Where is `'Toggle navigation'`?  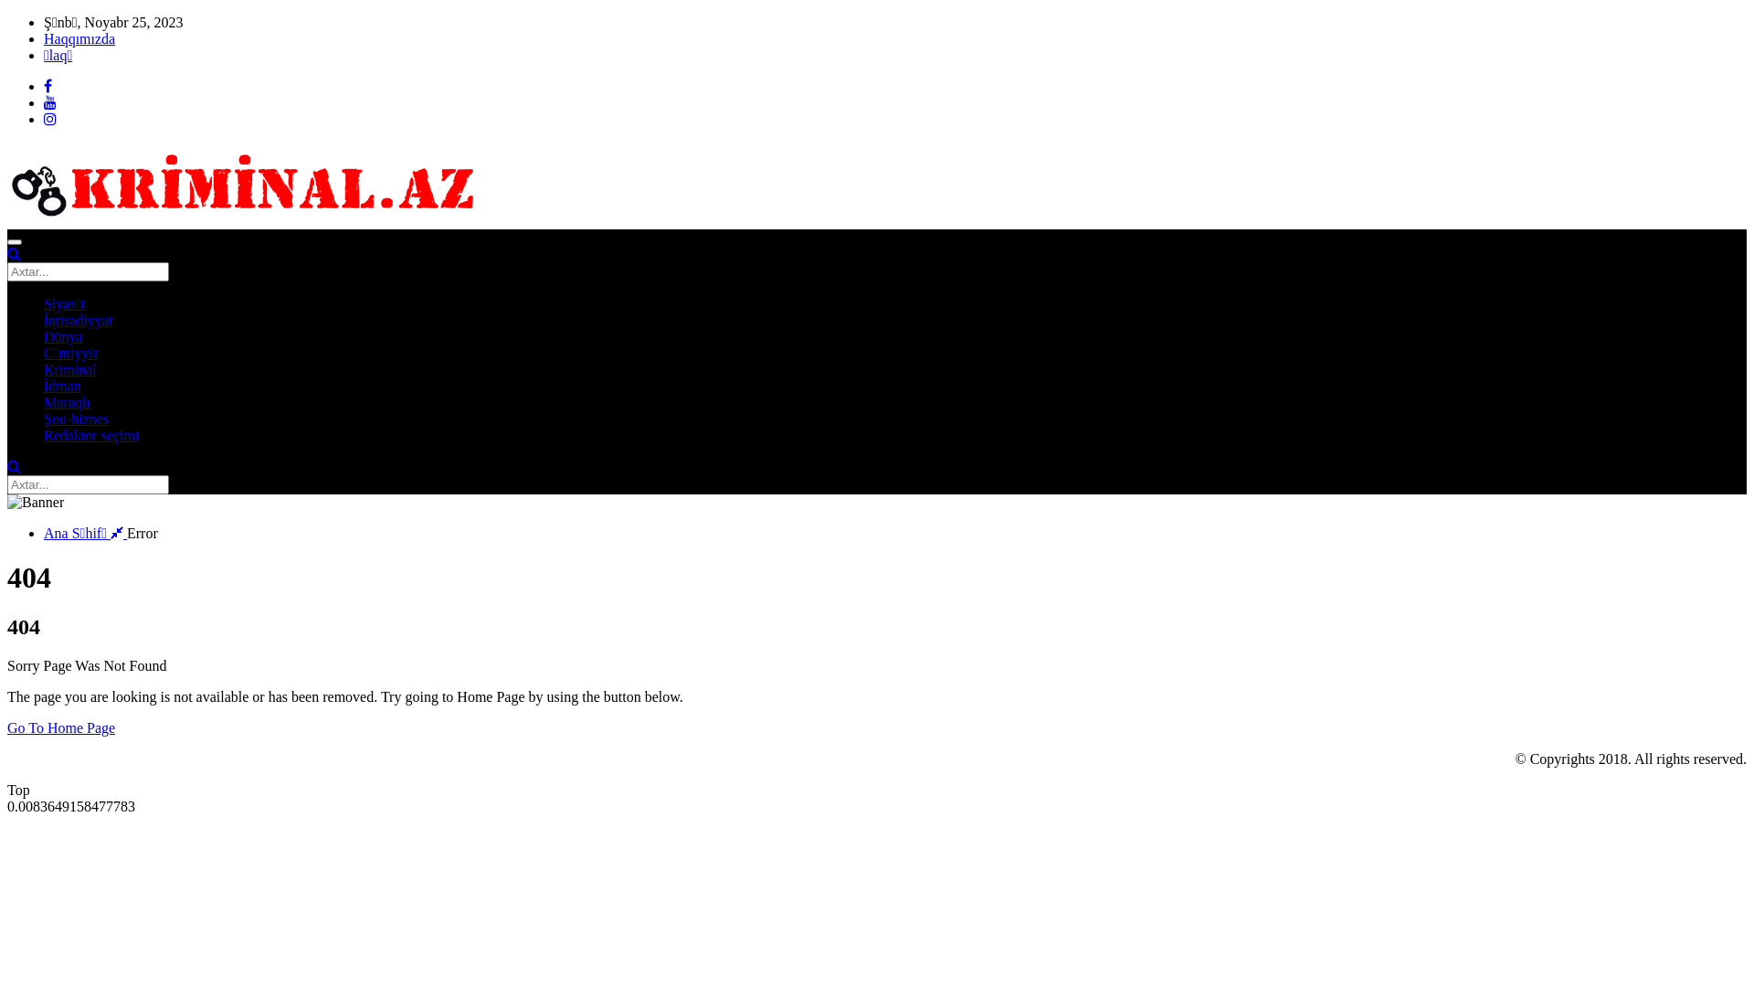 'Toggle navigation' is located at coordinates (14, 241).